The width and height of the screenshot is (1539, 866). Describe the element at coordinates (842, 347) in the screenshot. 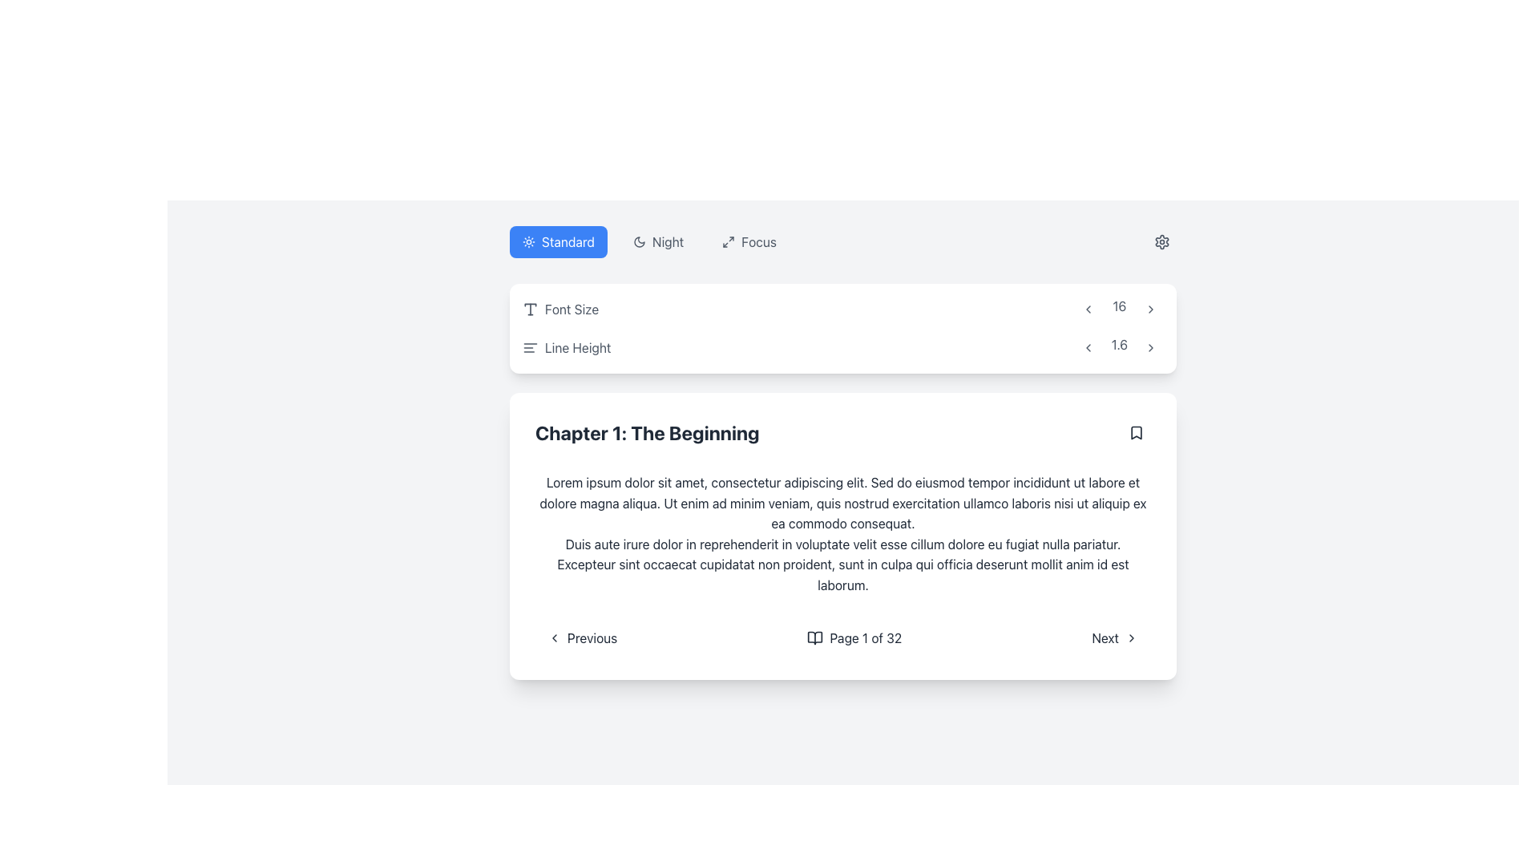

I see `the chevrons in the Interactive row for adjusting line height, located beneath the 'Font Size' adjustment row` at that location.